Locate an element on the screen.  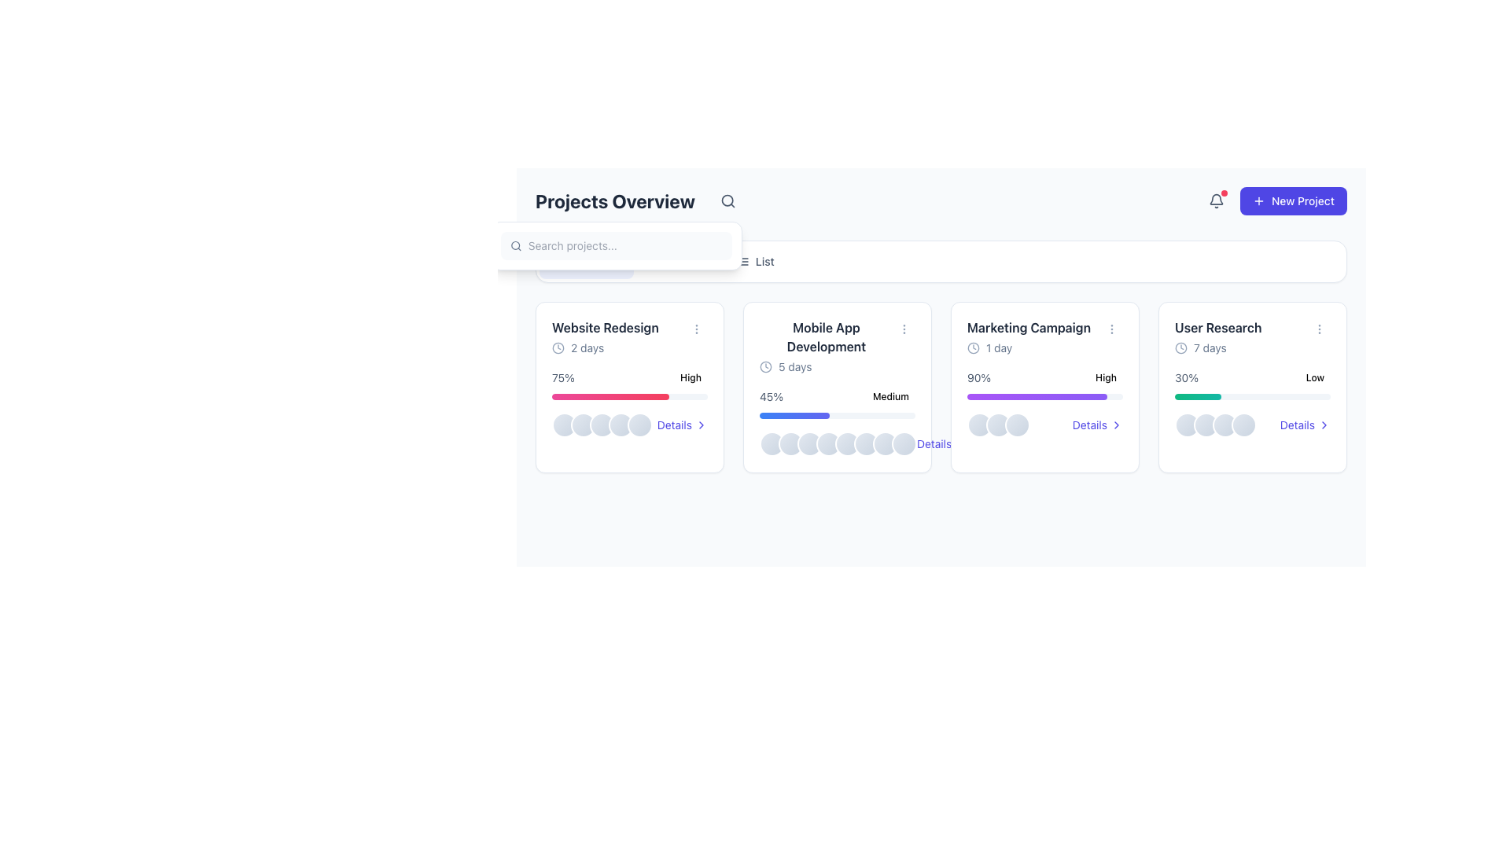
the decorative Icon (SVG graphic) is located at coordinates (1258, 200).